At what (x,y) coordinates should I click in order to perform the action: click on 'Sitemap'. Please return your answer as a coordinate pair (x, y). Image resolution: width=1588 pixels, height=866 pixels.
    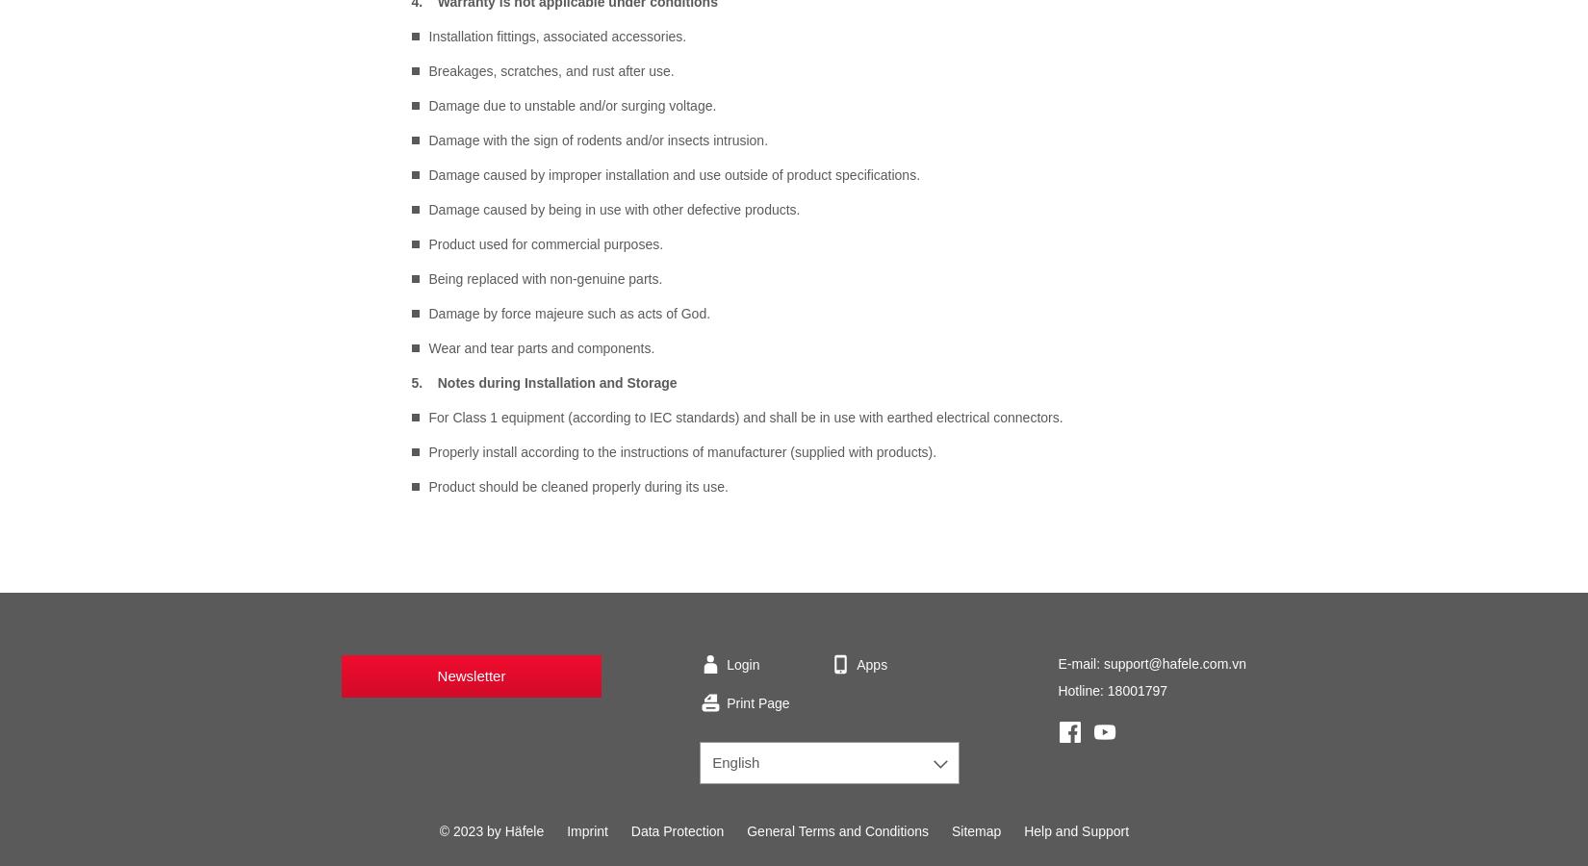
    Looking at the image, I should click on (975, 831).